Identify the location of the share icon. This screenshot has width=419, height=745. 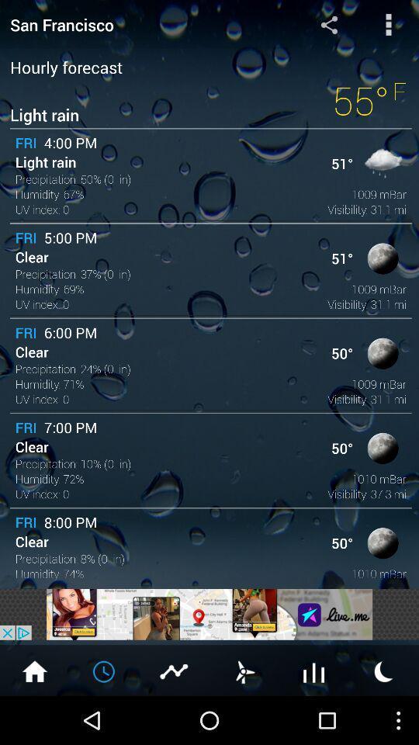
(328, 26).